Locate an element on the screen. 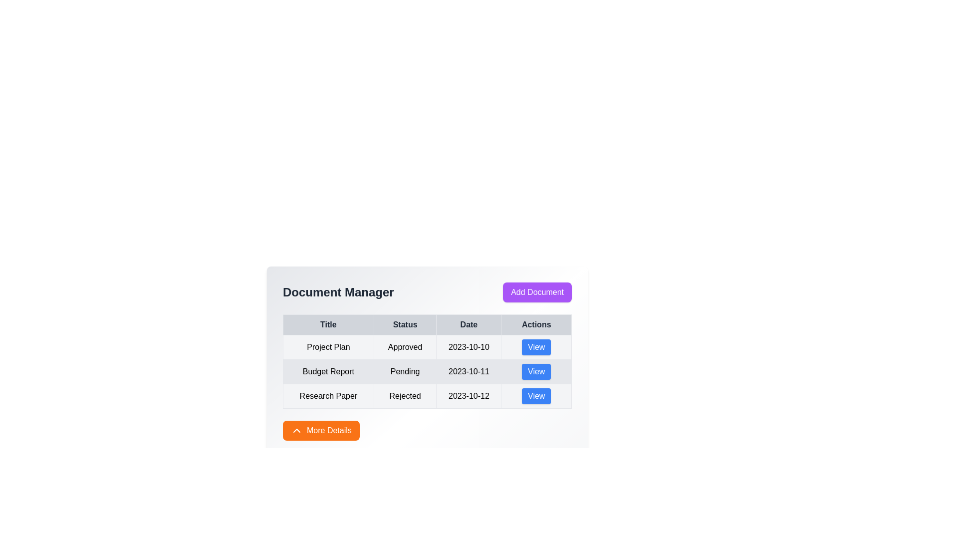 This screenshot has width=958, height=539. the Text Display element that shows the date '2023-10-12', which is positioned in the 'Date' column, between the 'Rejected' status and the 'View' button is located at coordinates (468, 396).